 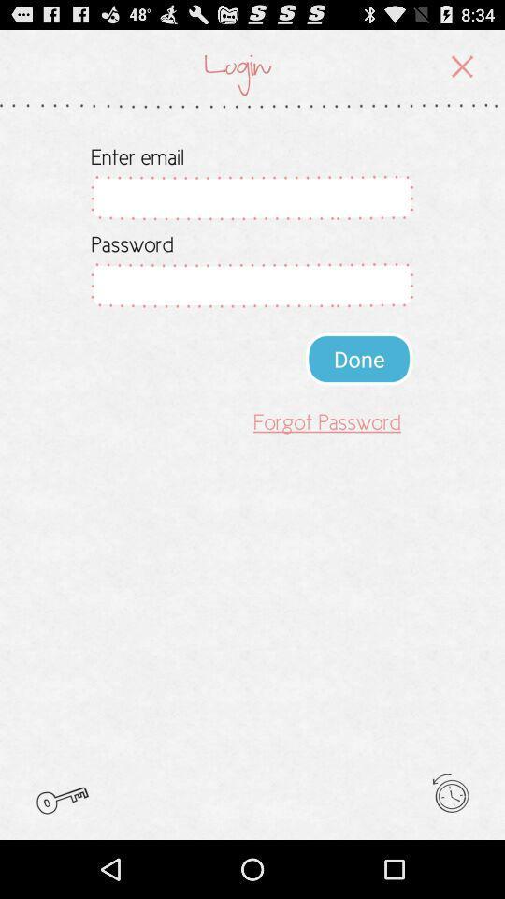 What do you see at coordinates (359, 358) in the screenshot?
I see `the done icon` at bounding box center [359, 358].